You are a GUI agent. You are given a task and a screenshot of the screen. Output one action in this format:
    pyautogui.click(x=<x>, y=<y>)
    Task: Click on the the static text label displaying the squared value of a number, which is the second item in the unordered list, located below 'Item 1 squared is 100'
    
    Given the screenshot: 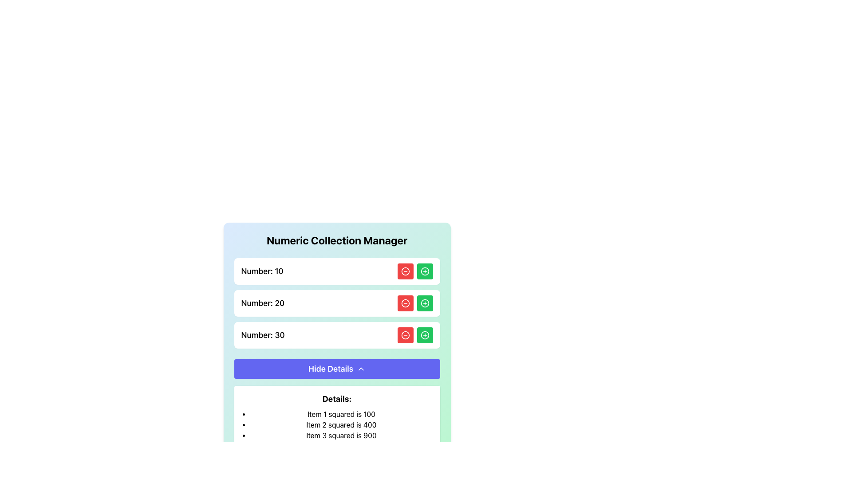 What is the action you would take?
    pyautogui.click(x=341, y=424)
    